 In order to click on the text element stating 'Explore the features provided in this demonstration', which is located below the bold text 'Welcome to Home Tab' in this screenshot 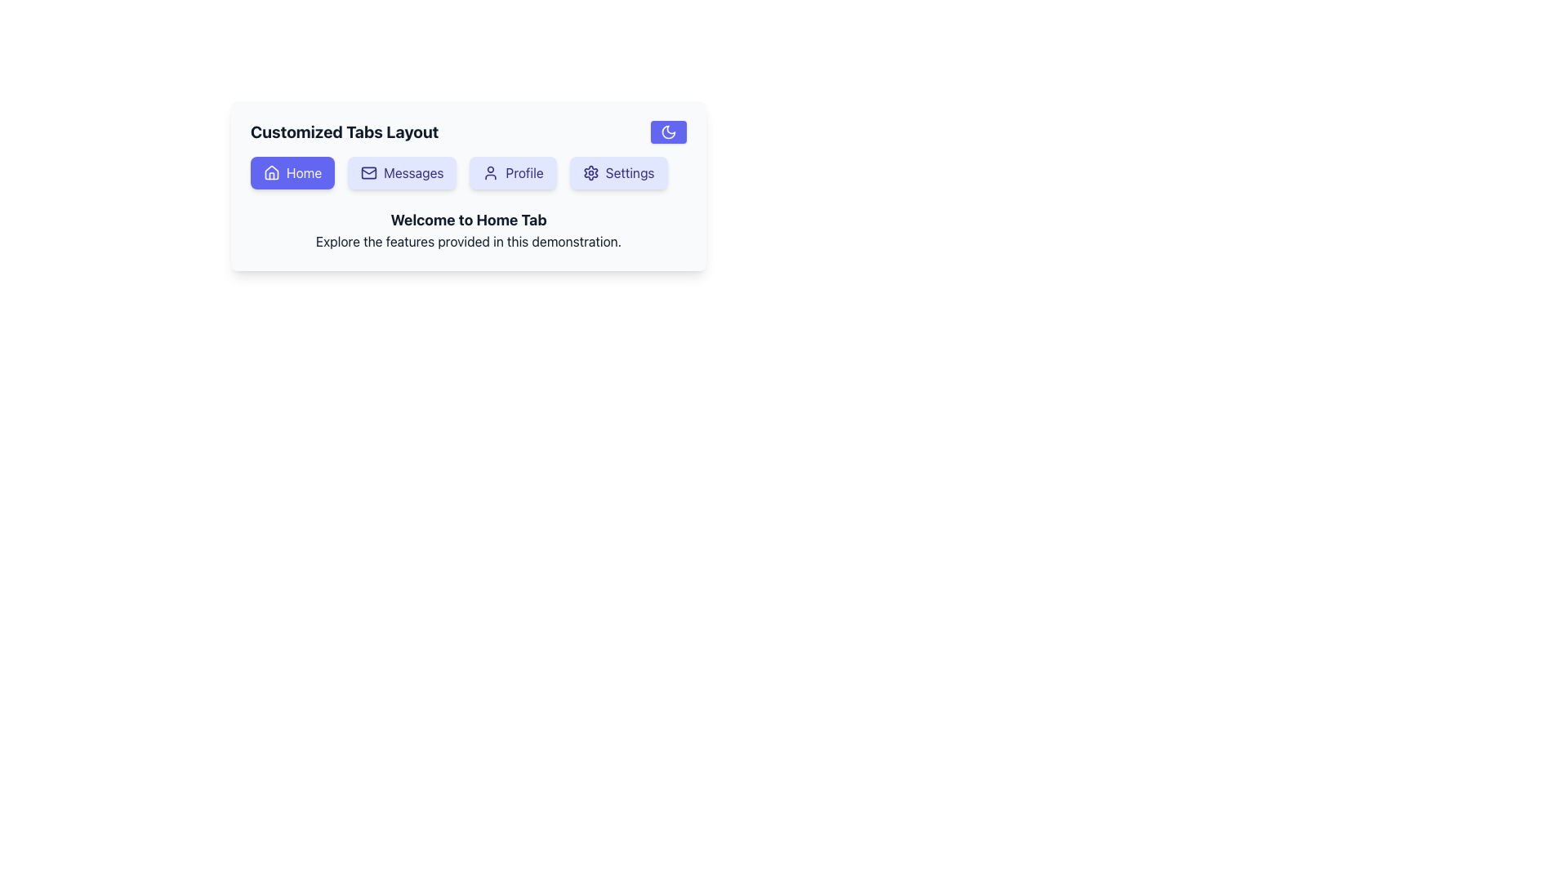, I will do `click(468, 242)`.